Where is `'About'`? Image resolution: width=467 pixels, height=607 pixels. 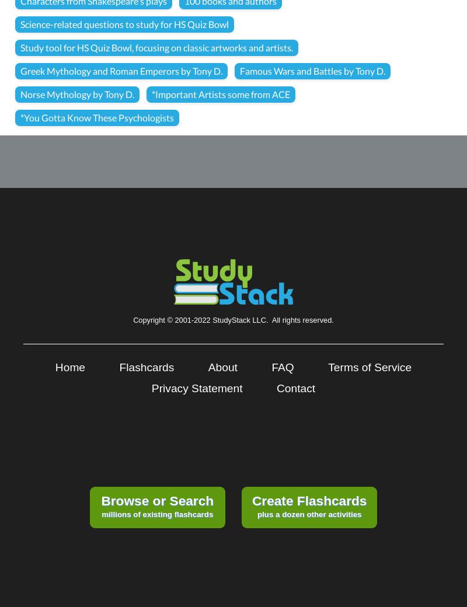 'About' is located at coordinates (221, 367).